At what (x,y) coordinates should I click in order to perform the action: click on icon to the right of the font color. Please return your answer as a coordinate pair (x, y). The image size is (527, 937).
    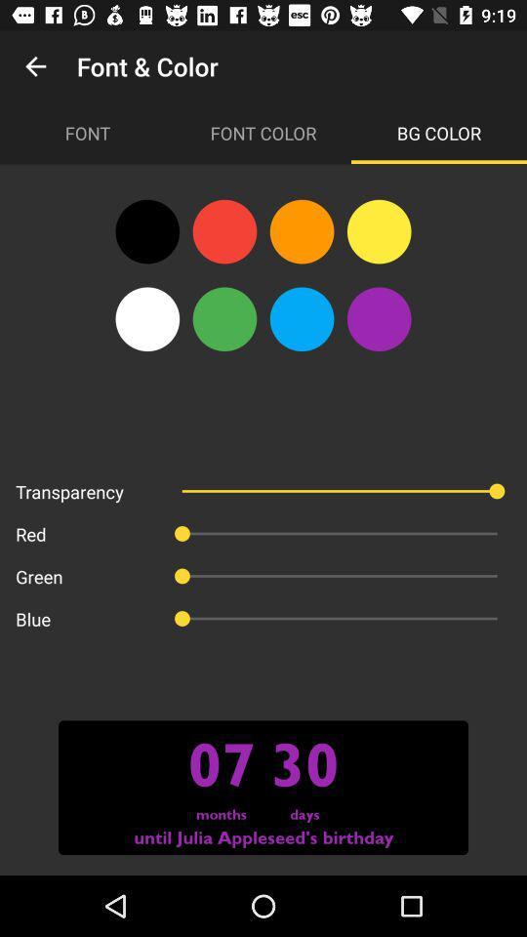
    Looking at the image, I should click on (438, 132).